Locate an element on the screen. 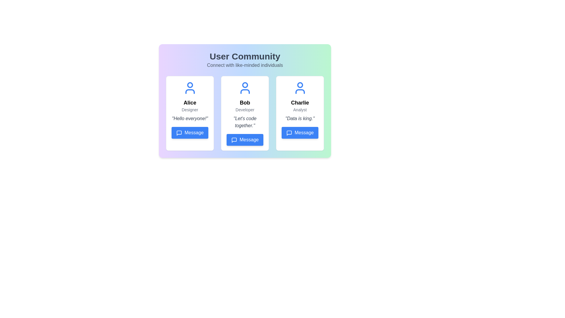 Image resolution: width=565 pixels, height=318 pixels. displayed text 'Data is king.' from the text display component located within Charlie's user card, below the 'Analyst' label and above the blue 'Message' button is located at coordinates (300, 118).